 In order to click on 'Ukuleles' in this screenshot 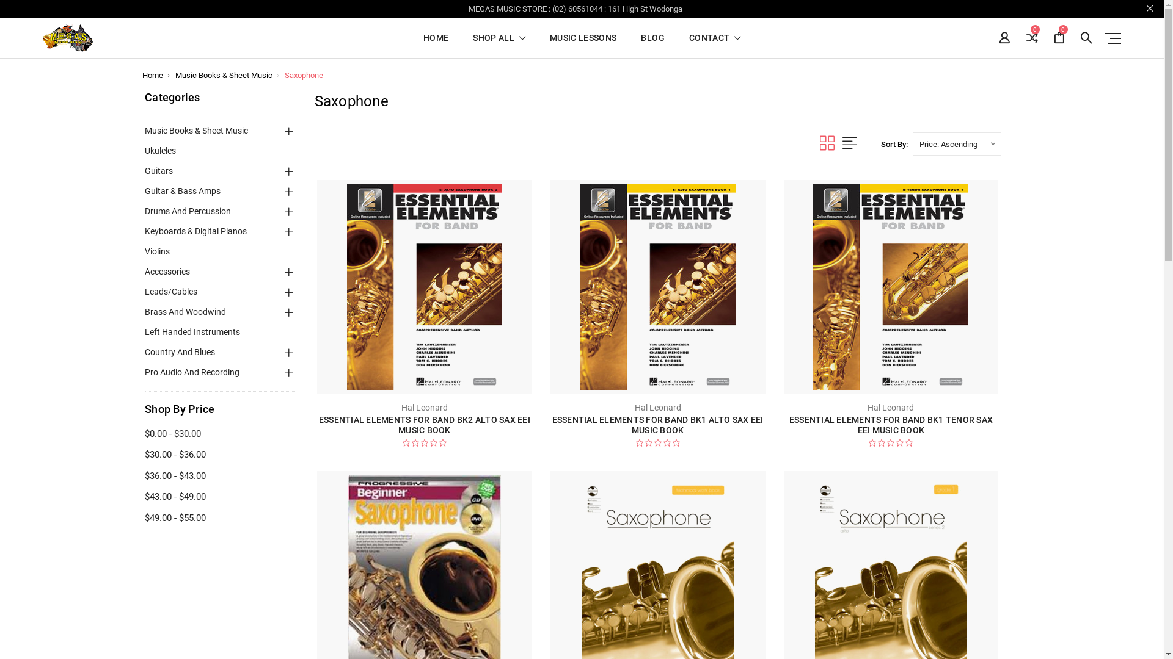, I will do `click(159, 149)`.